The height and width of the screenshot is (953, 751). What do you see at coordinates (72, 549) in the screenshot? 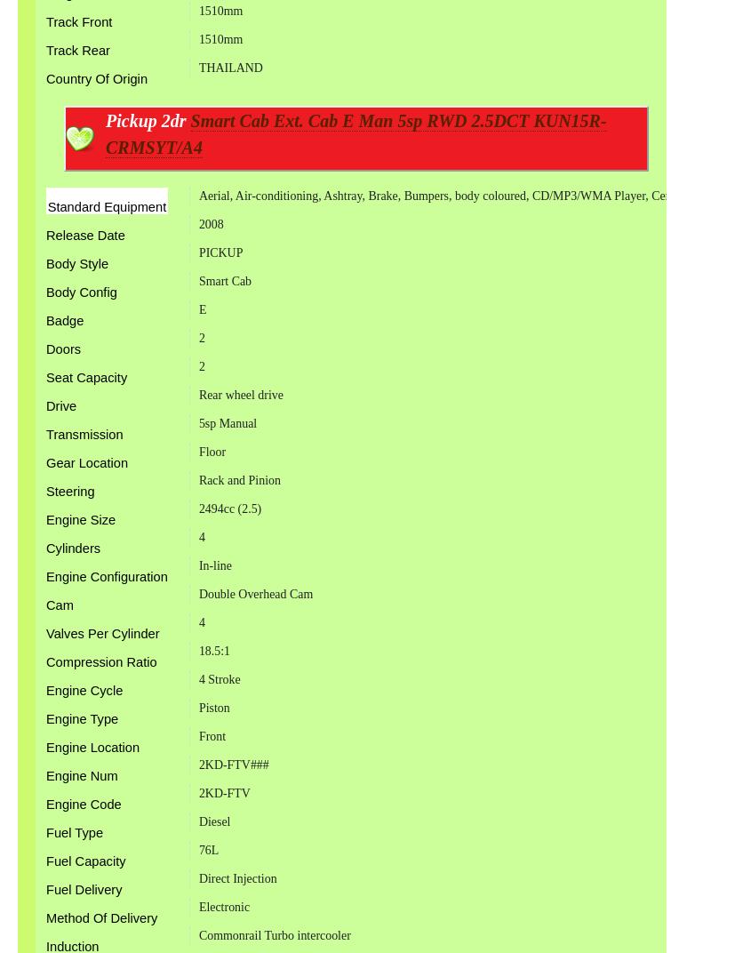
I see `'Cylinders'` at bounding box center [72, 549].